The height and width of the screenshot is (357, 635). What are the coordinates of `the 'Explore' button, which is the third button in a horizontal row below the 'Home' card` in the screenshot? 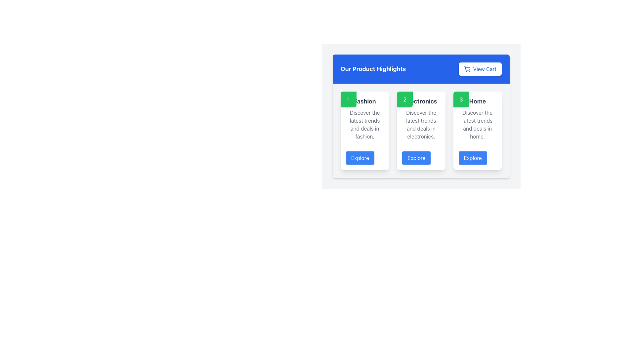 It's located at (477, 158).